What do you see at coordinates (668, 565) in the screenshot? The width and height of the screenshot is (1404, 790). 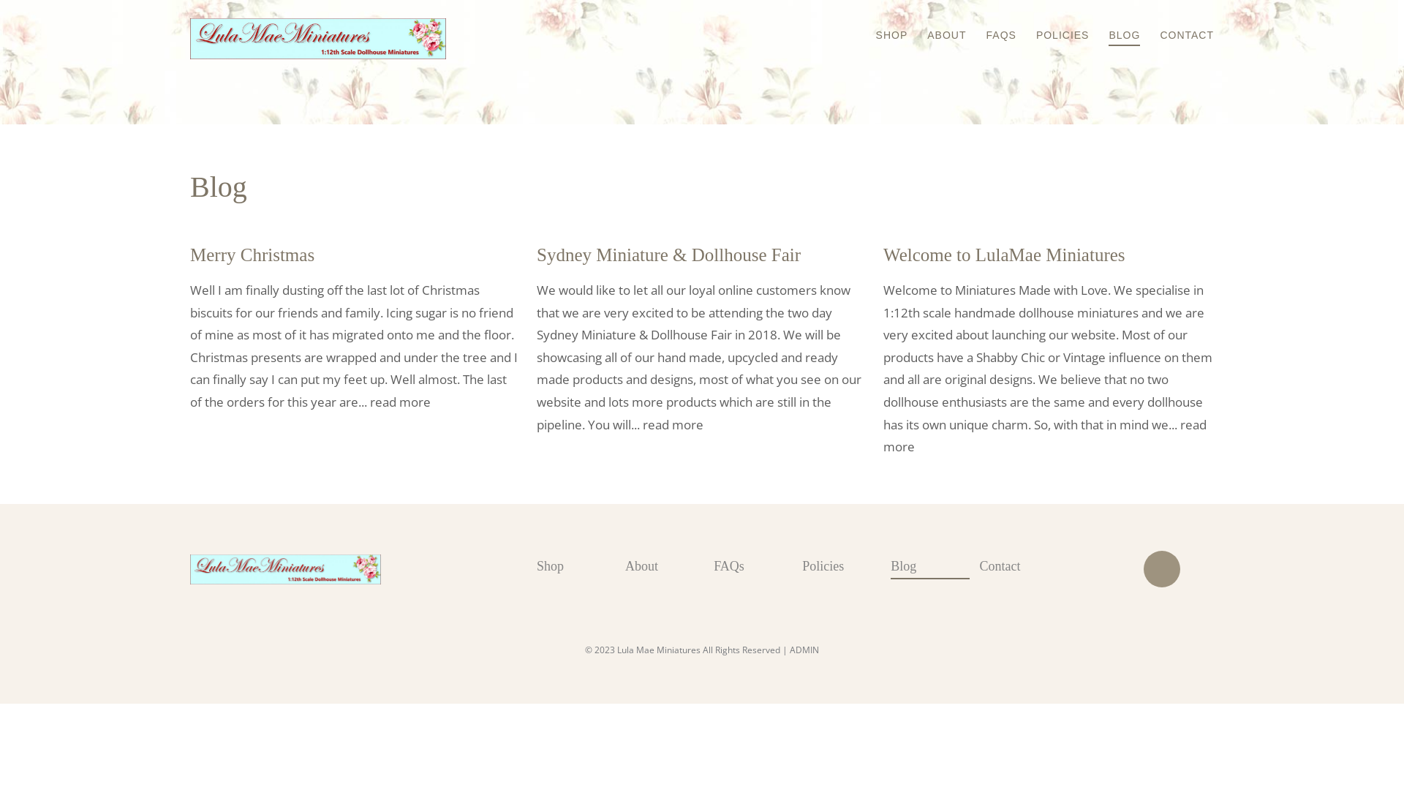 I see `'About'` at bounding box center [668, 565].